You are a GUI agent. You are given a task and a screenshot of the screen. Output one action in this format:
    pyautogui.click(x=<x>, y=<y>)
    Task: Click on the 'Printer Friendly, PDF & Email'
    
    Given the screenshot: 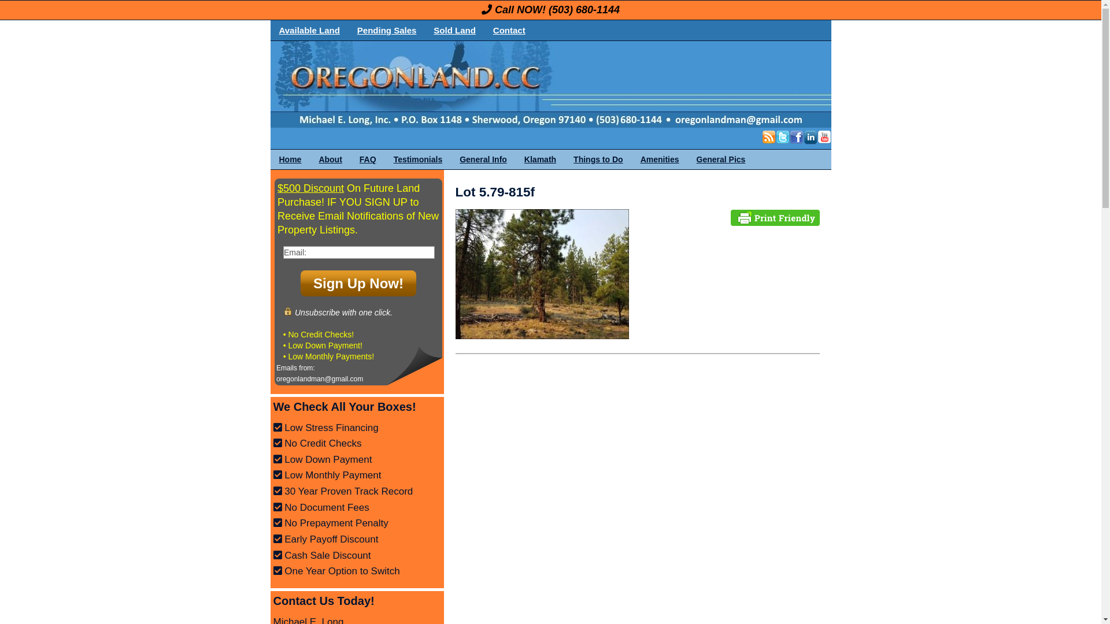 What is the action you would take?
    pyautogui.click(x=775, y=217)
    